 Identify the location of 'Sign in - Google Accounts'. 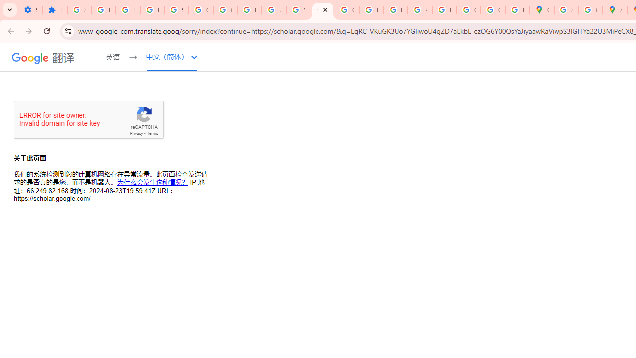
(566, 10).